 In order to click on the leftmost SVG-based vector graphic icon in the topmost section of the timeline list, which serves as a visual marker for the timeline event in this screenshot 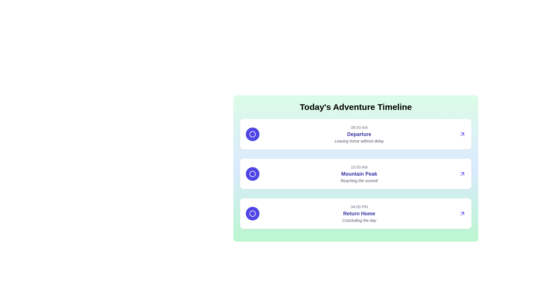, I will do `click(252, 134)`.